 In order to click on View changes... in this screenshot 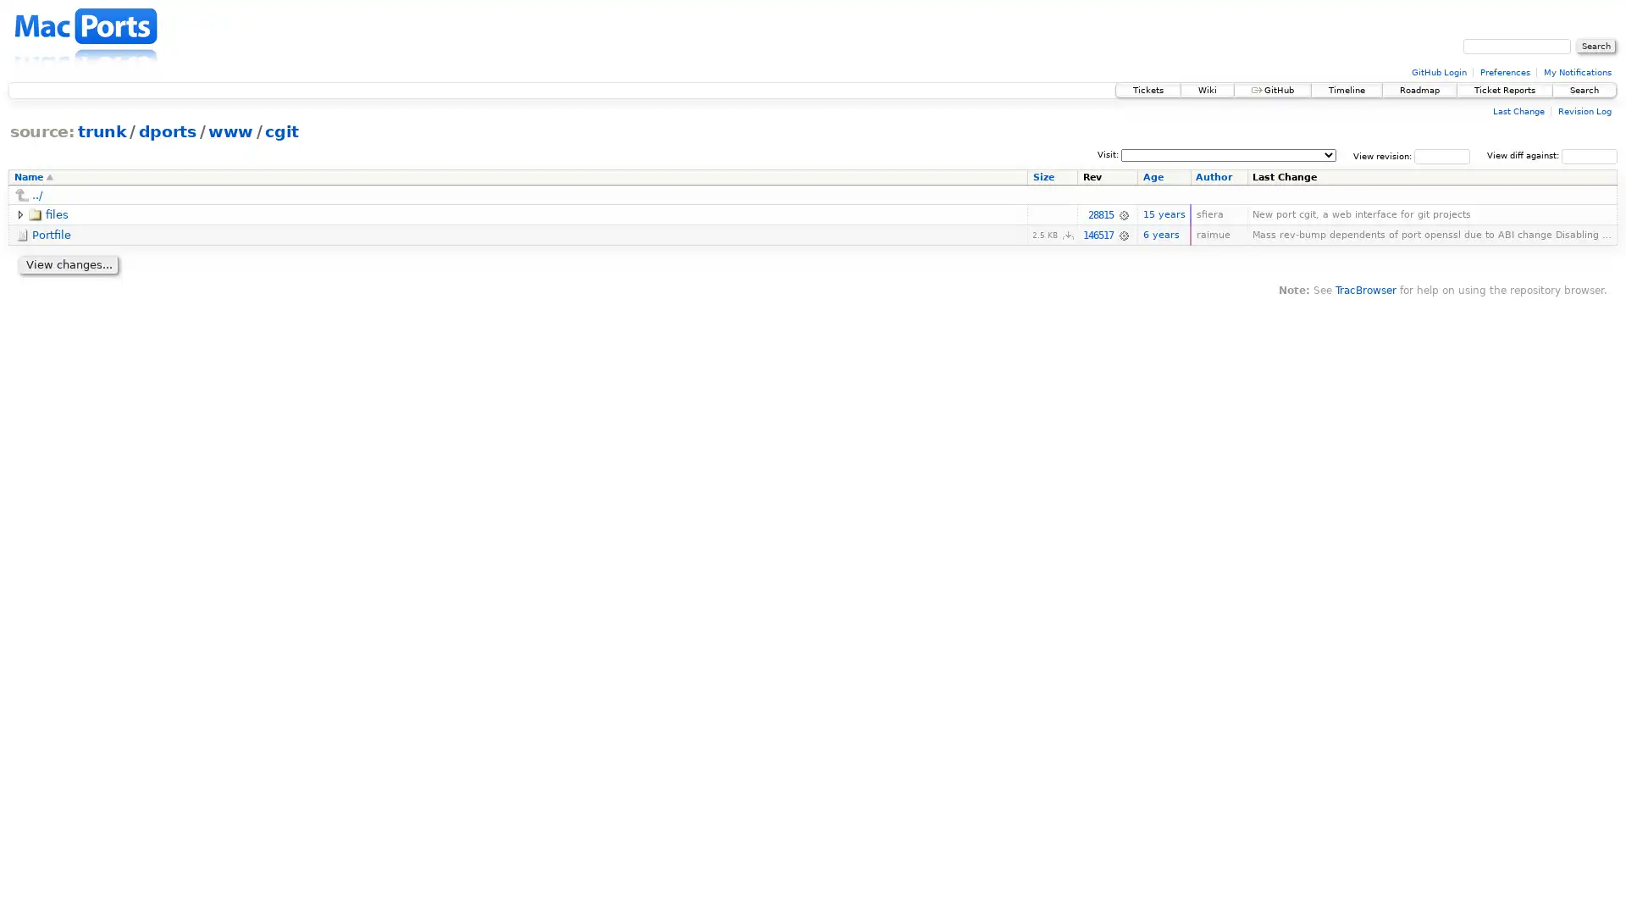, I will do `click(68, 264)`.